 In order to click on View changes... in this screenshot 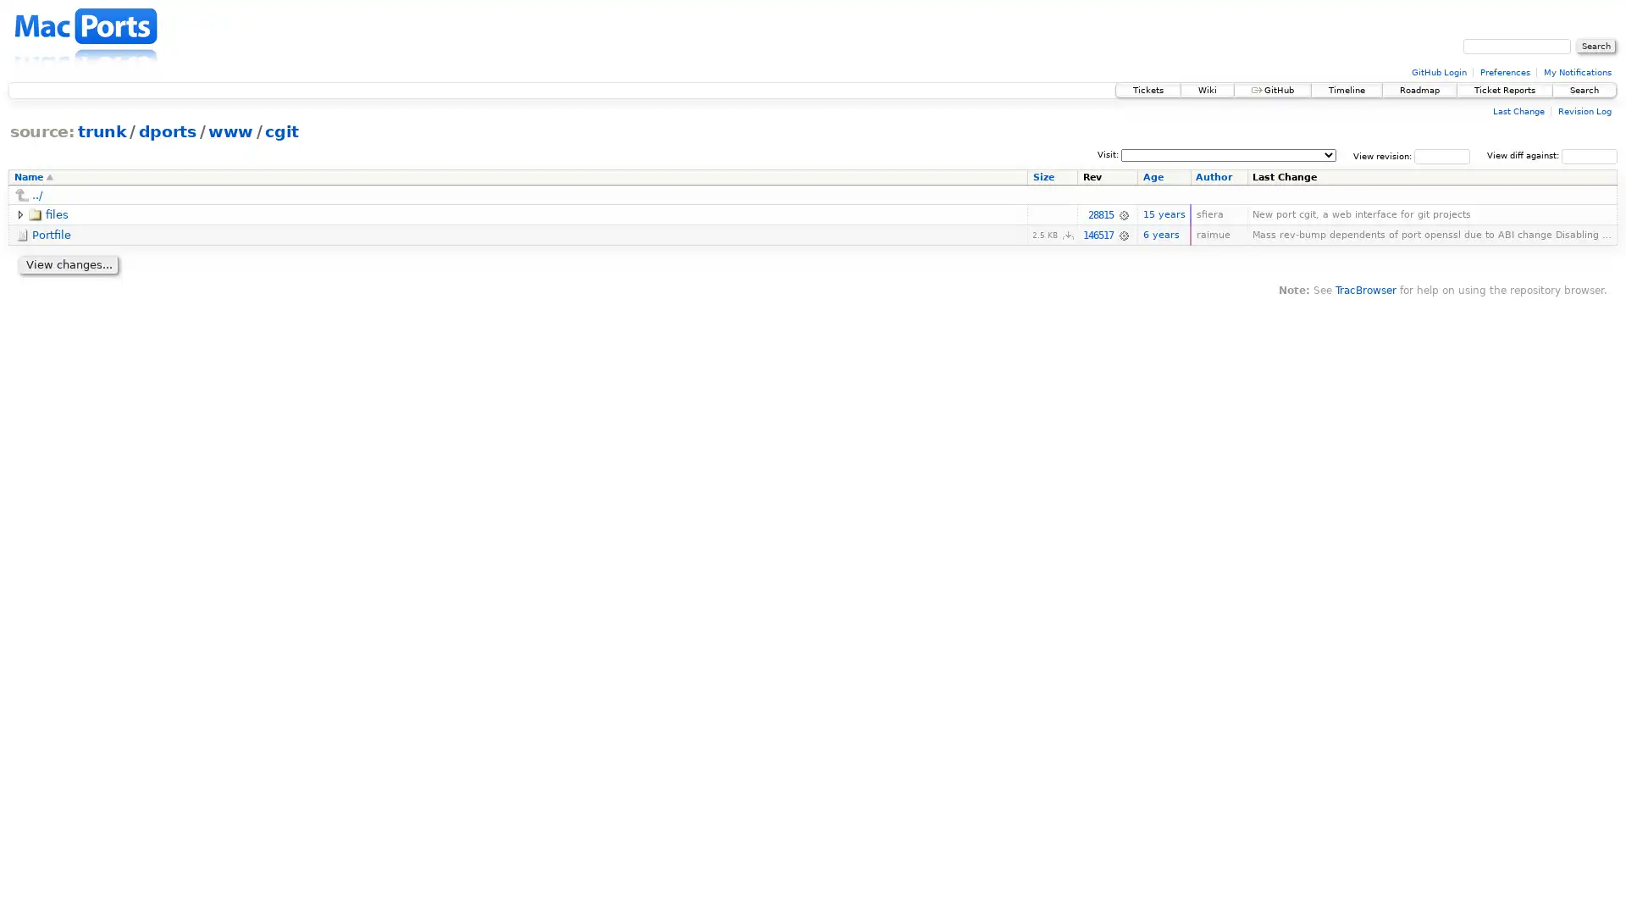, I will do `click(68, 264)`.